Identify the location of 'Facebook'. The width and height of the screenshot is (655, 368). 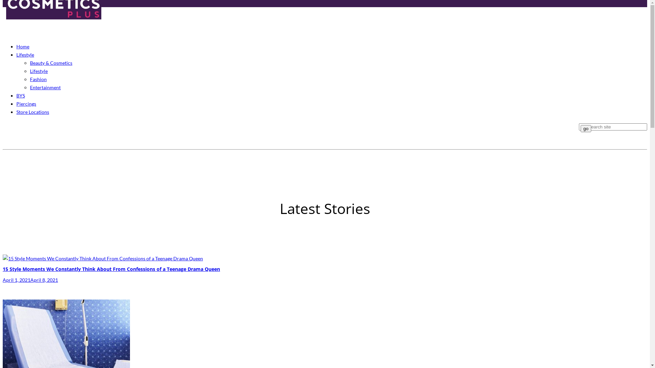
(9, 127).